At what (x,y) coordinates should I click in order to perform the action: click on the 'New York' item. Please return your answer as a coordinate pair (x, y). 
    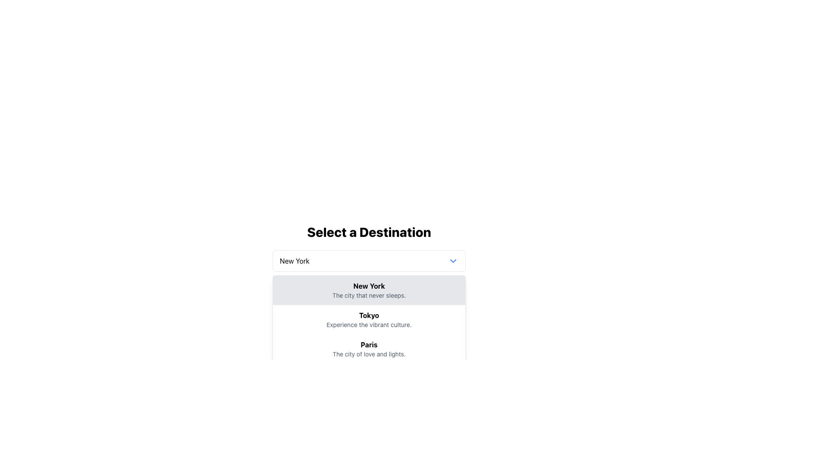
    Looking at the image, I should click on (369, 280).